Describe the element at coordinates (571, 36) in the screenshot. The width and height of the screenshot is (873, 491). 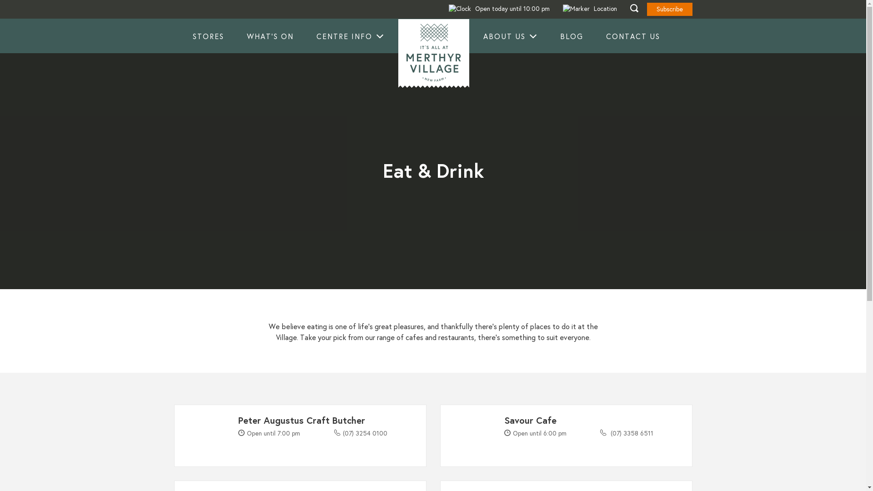
I see `'BLOG'` at that location.